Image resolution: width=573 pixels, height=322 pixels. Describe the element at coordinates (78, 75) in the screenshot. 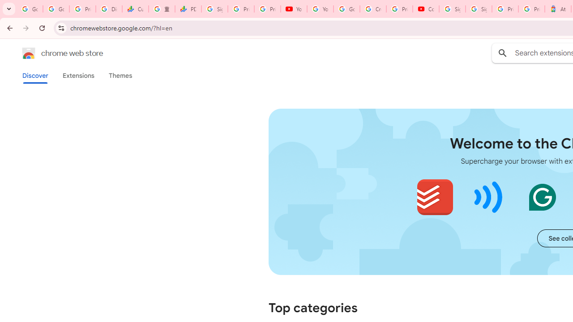

I see `'Extensions'` at that location.